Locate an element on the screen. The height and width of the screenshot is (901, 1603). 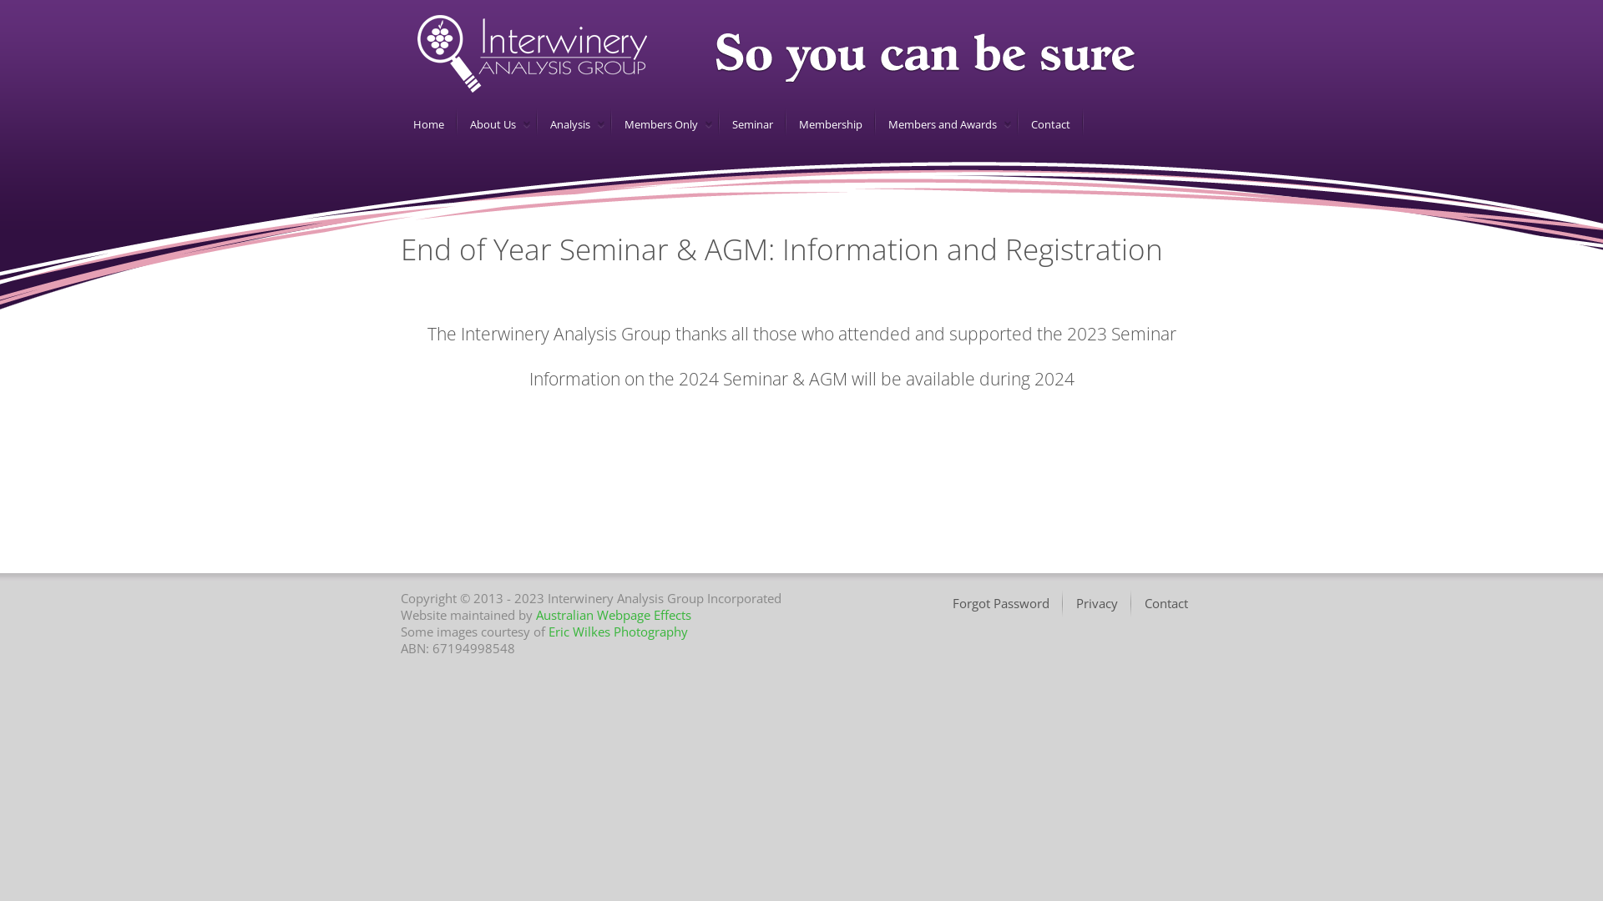
'Members Only' is located at coordinates (657, 123).